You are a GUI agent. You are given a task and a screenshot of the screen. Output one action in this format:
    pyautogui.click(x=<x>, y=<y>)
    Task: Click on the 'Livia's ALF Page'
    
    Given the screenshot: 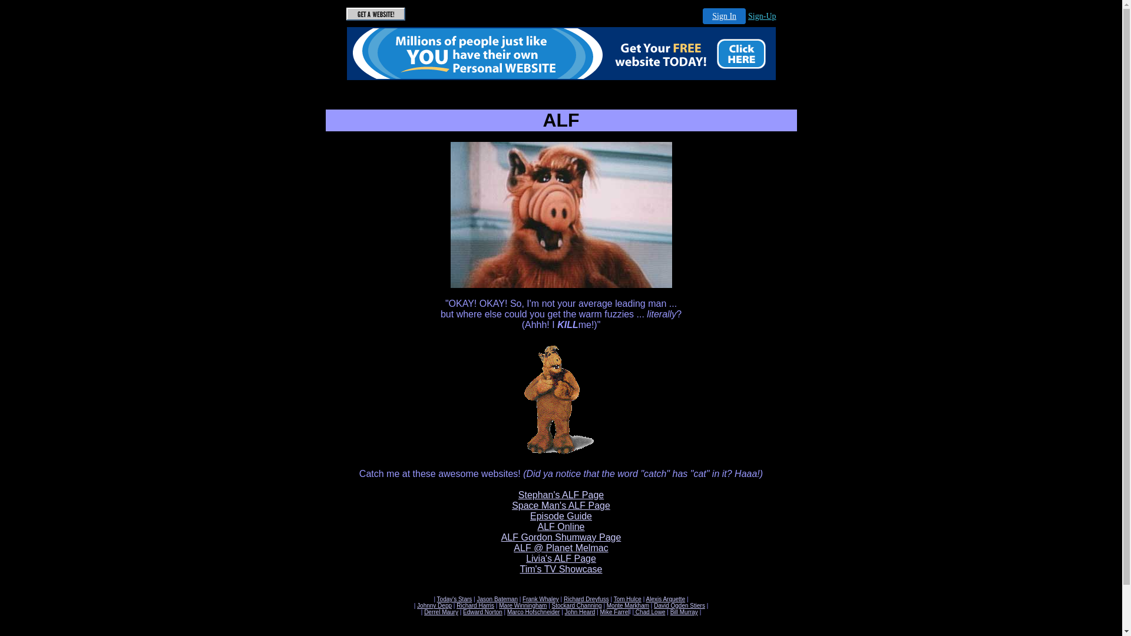 What is the action you would take?
    pyautogui.click(x=525, y=558)
    